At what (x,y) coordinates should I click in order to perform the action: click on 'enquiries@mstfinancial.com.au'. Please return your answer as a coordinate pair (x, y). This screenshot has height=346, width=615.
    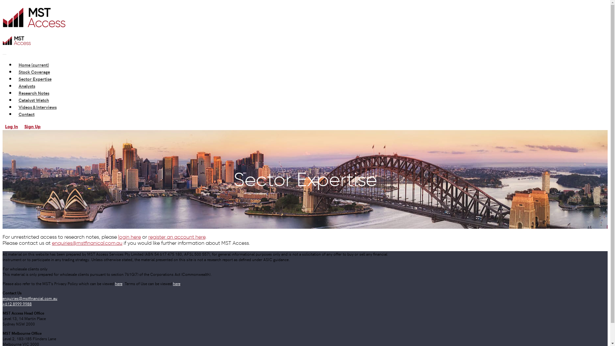
    Looking at the image, I should click on (29, 298).